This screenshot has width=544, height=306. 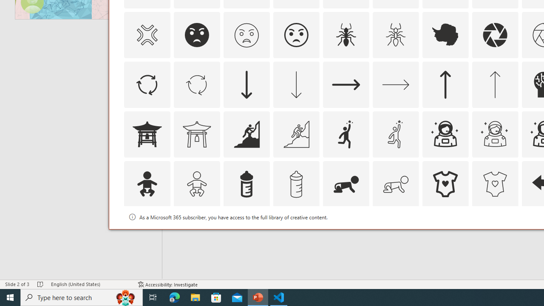 I want to click on 'AutomationID: Icons_ArrowCircle', so click(x=147, y=84).